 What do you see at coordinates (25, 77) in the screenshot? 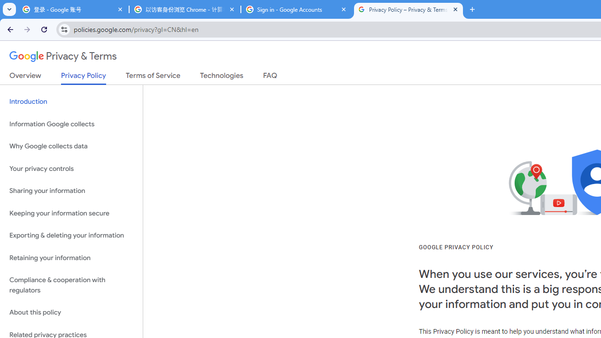
I see `'Overview'` at bounding box center [25, 77].